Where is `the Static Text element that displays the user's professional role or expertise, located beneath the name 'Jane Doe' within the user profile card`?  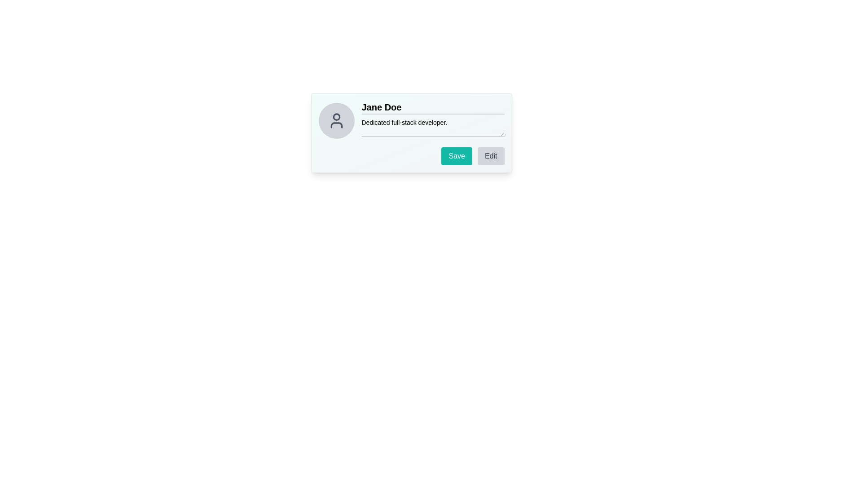
the Static Text element that displays the user's professional role or expertise, located beneath the name 'Jane Doe' within the user profile card is located at coordinates (411, 120).